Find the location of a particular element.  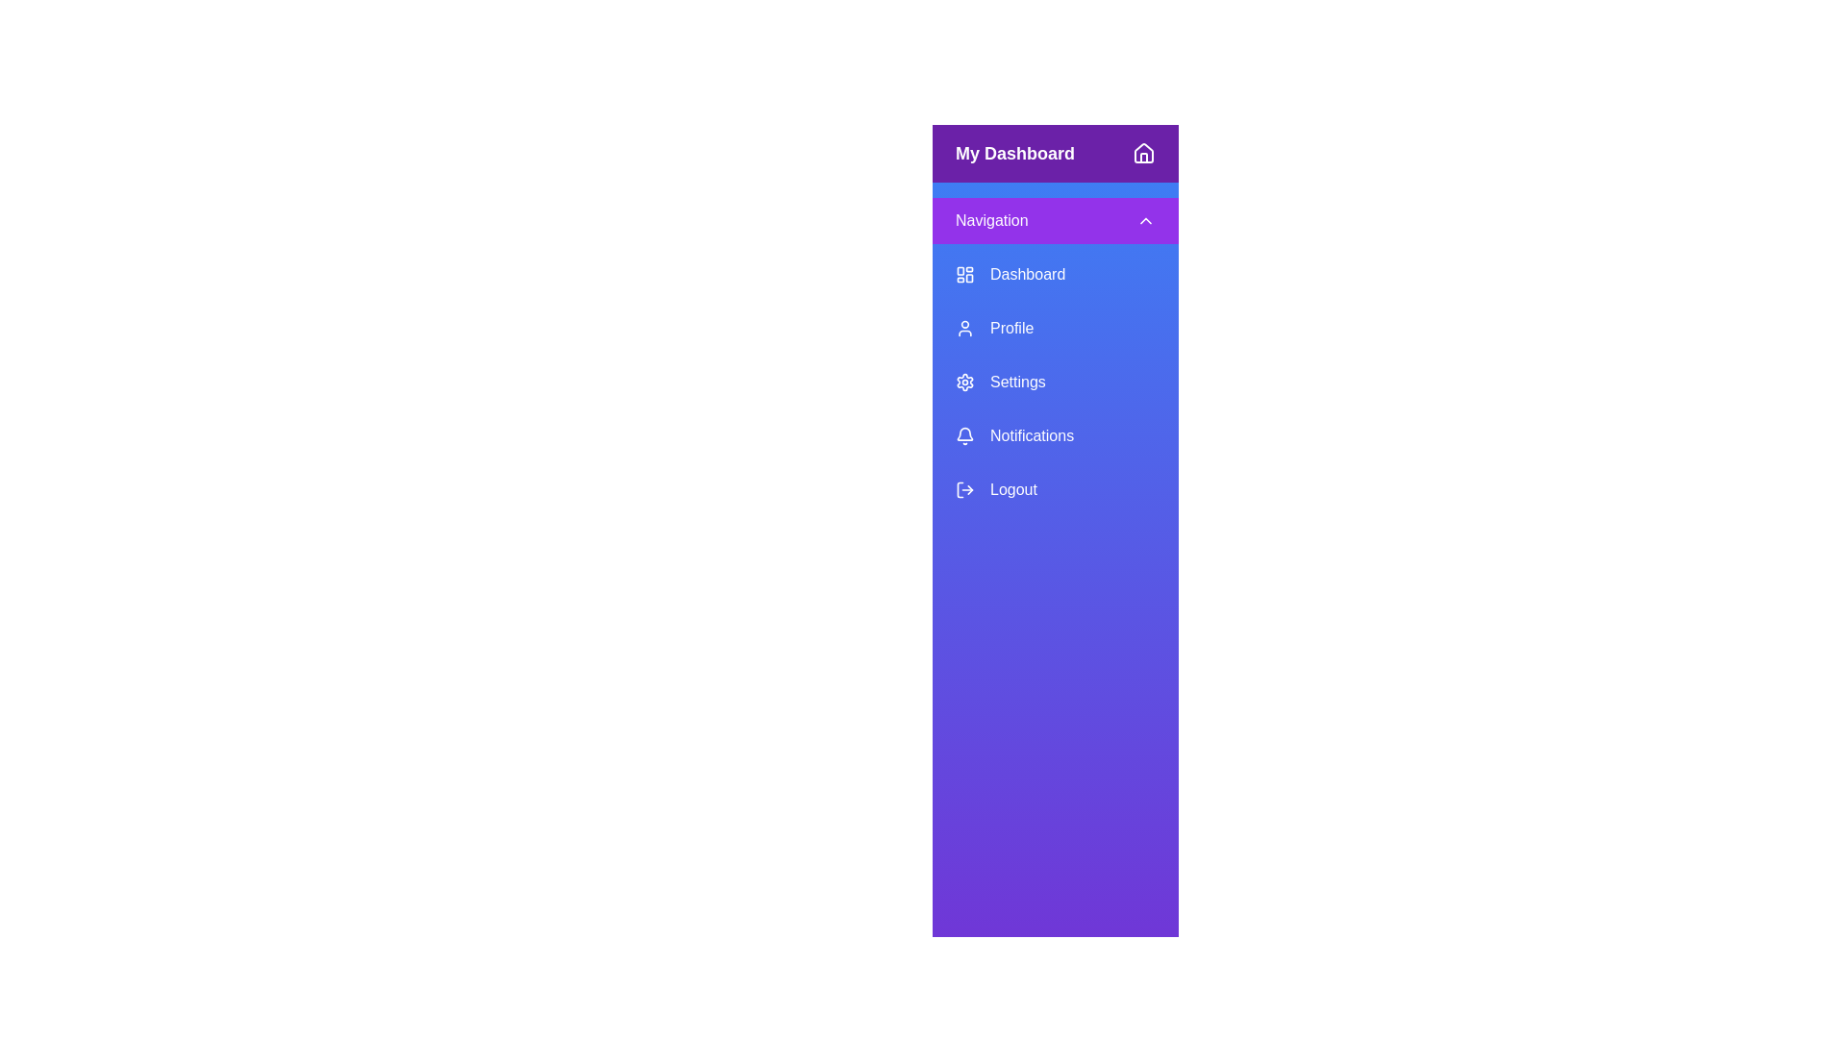

the small upward-pointing chevron icon with a purple background and white stroke located on the right side of the 'Navigation' header is located at coordinates (1145, 220).